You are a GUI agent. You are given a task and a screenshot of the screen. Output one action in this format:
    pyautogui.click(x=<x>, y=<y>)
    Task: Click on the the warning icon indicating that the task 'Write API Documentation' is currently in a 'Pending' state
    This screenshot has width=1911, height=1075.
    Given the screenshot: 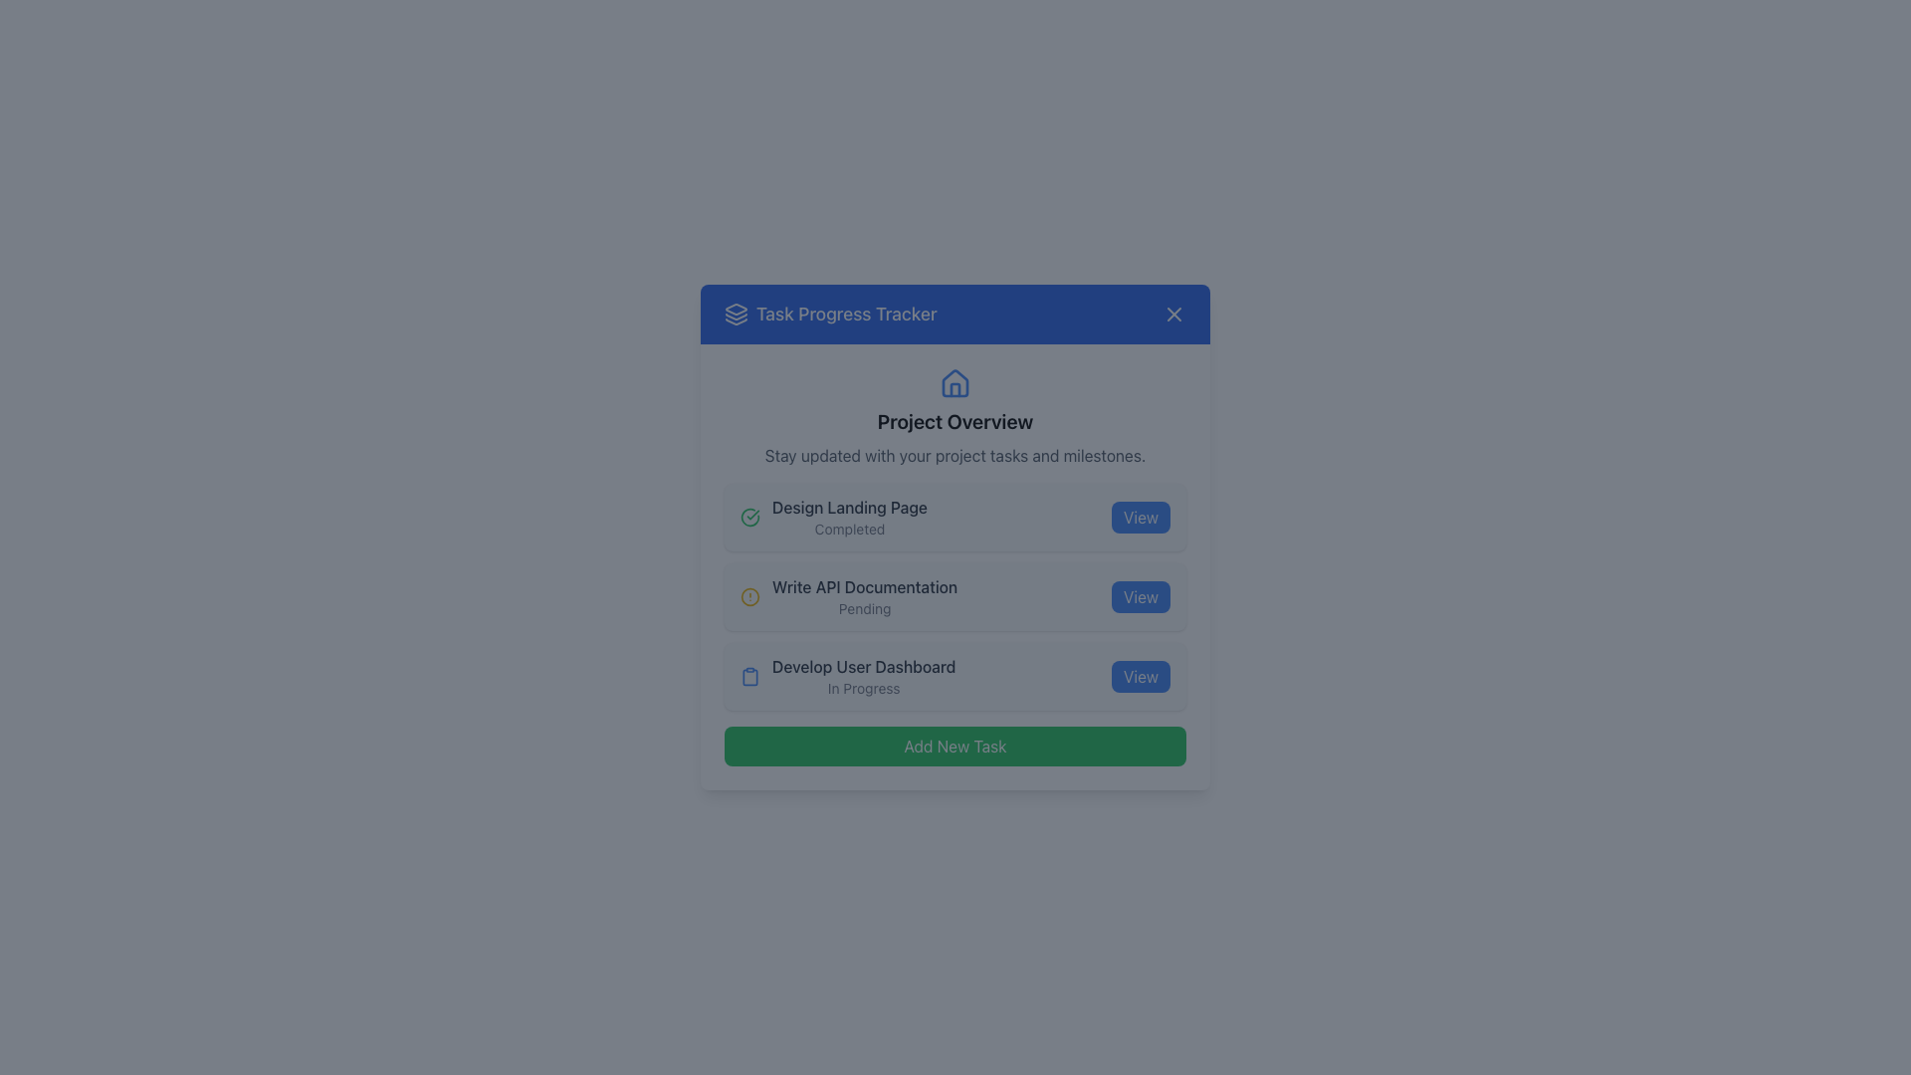 What is the action you would take?
    pyautogui.click(x=748, y=596)
    